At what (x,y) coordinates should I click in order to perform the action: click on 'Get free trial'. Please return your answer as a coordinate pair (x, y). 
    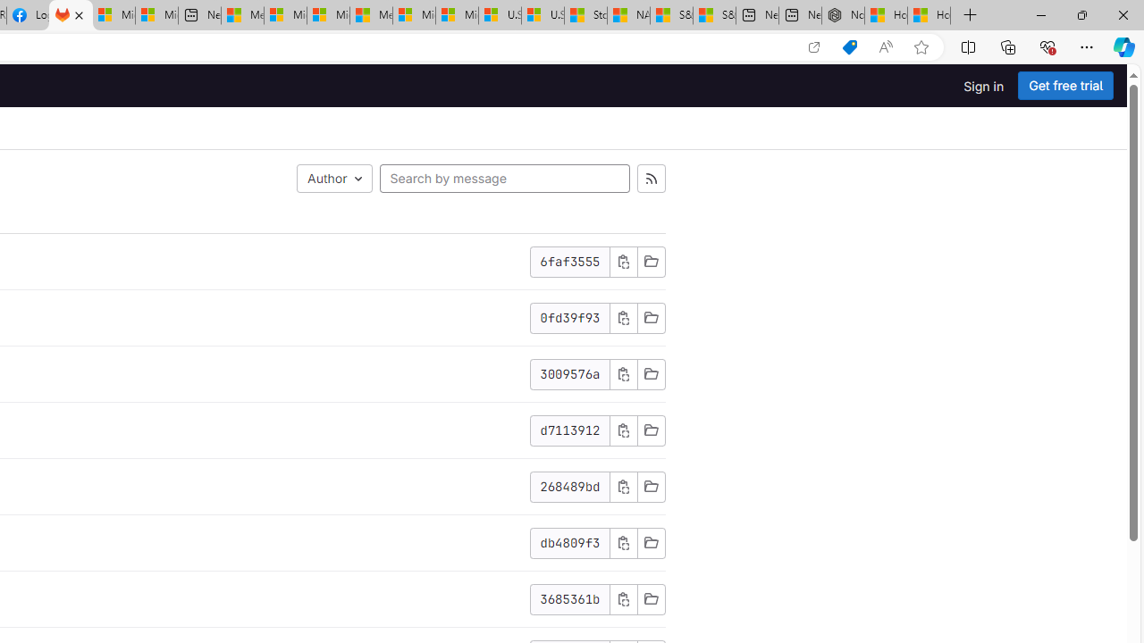
    Looking at the image, I should click on (1065, 86).